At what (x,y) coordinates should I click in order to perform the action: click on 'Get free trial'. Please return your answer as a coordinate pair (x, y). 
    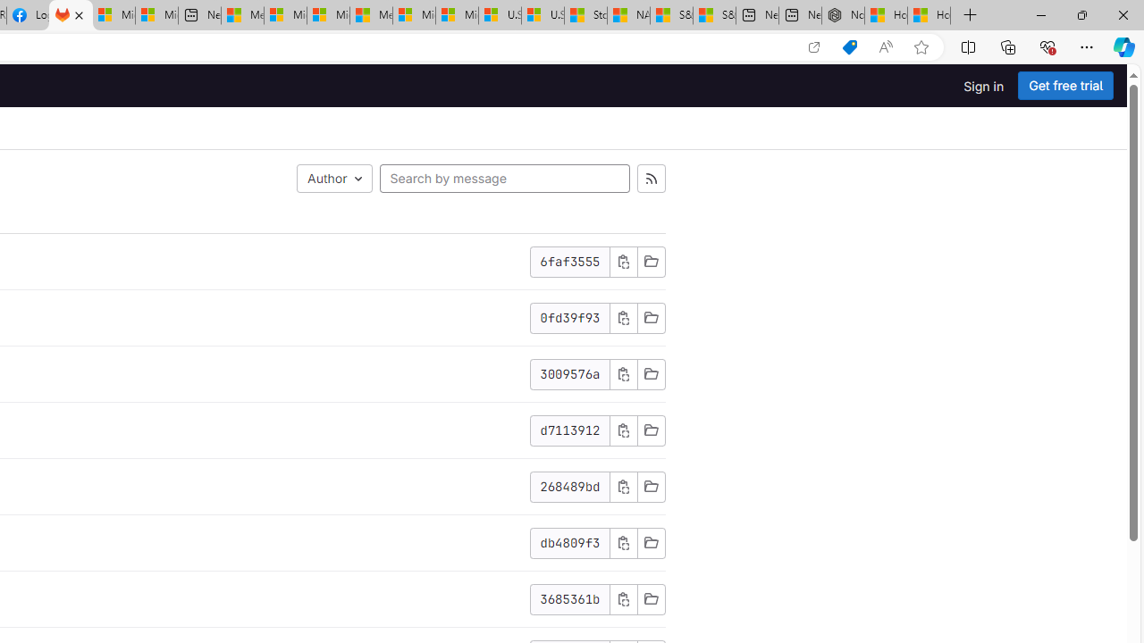
    Looking at the image, I should click on (1065, 86).